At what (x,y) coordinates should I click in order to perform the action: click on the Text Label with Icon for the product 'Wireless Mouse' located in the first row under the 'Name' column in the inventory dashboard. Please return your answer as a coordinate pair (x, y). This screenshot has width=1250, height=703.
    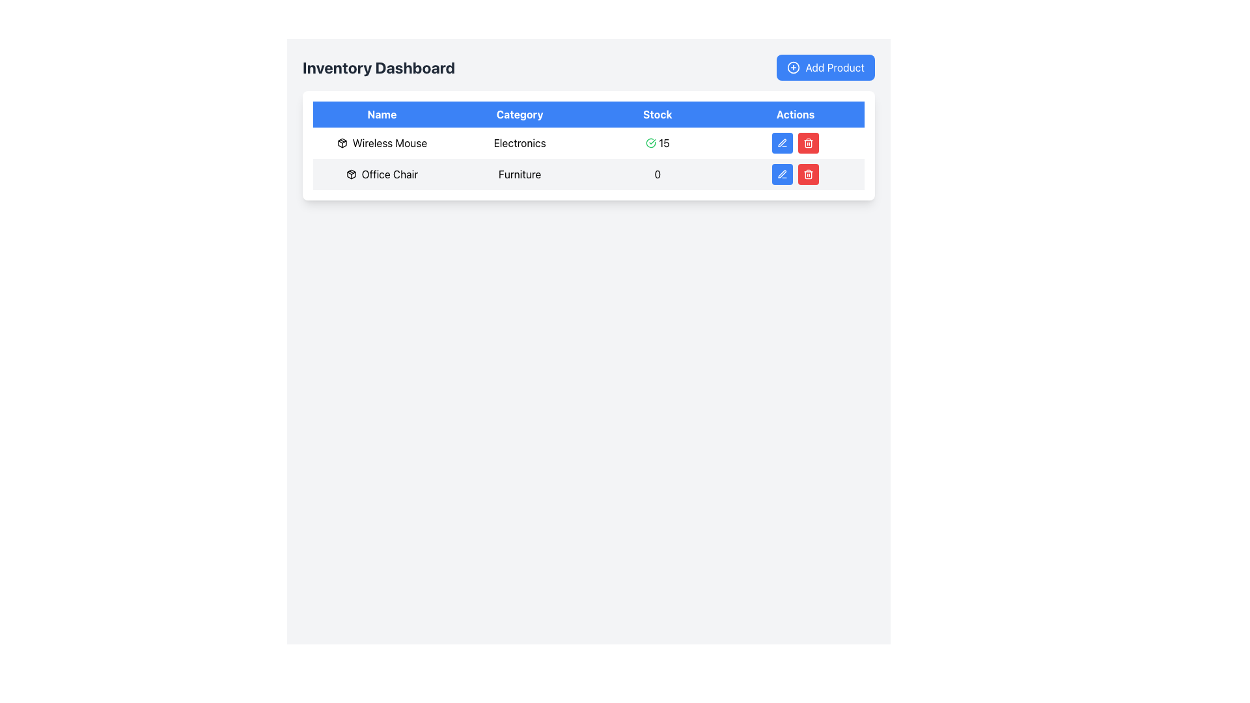
    Looking at the image, I should click on (381, 143).